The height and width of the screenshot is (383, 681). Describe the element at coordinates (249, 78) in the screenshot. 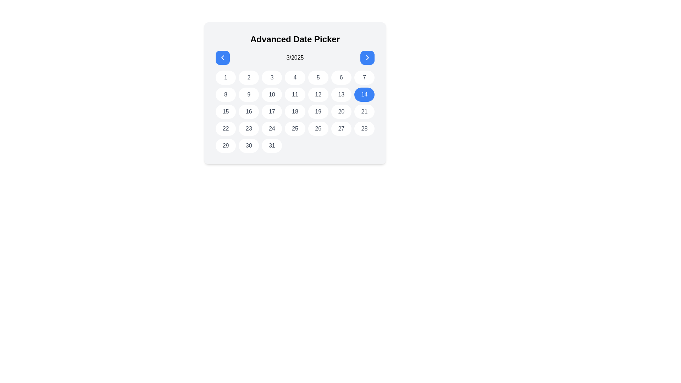

I see `the circular button labeled '2' in the Advanced Date Picker for keyboard navigation` at that location.